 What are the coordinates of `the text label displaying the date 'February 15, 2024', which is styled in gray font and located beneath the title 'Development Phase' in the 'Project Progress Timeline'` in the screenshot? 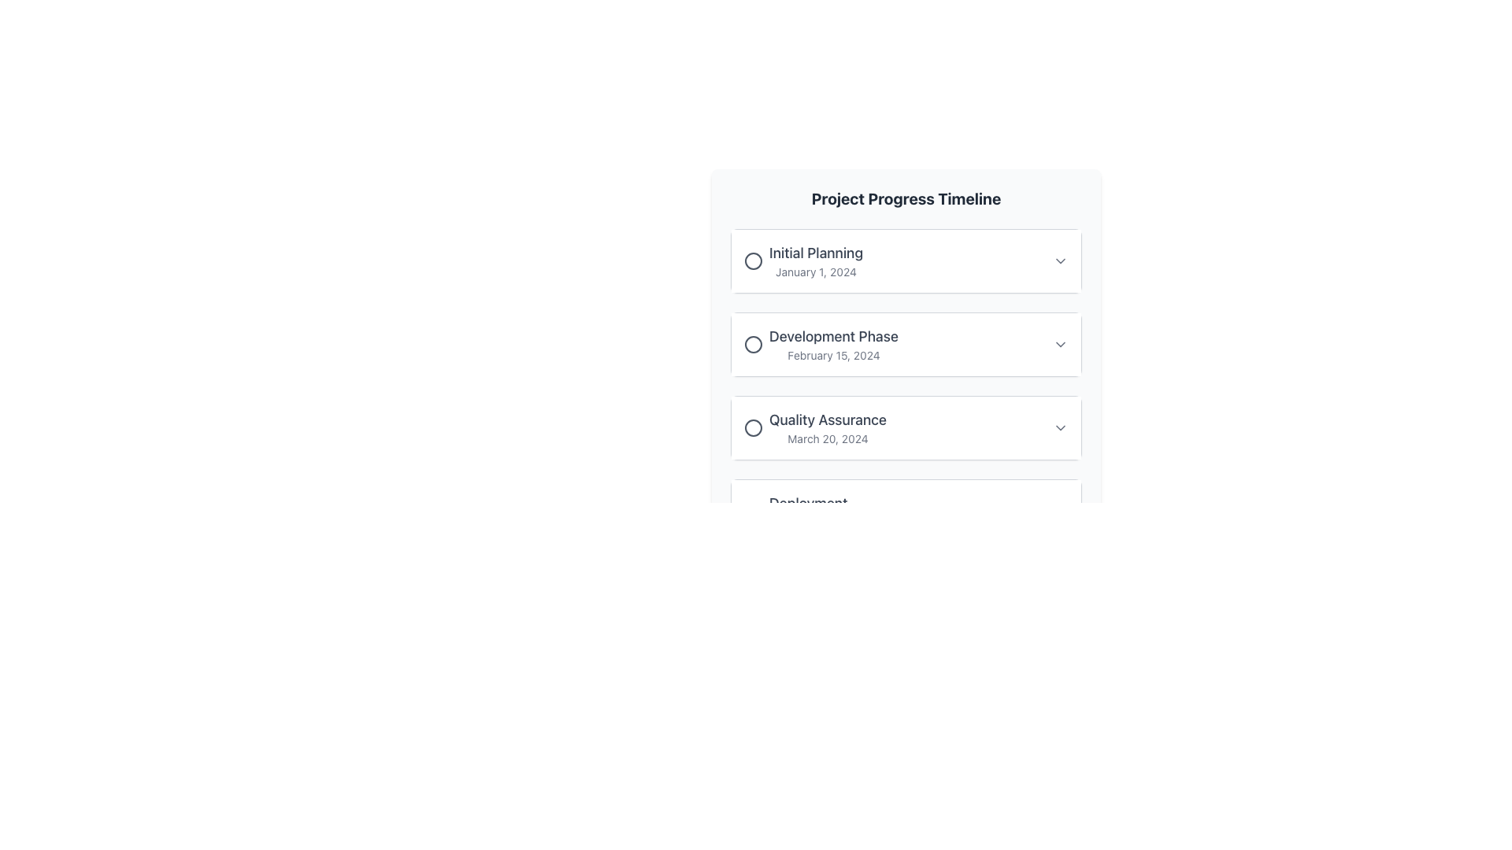 It's located at (832, 355).